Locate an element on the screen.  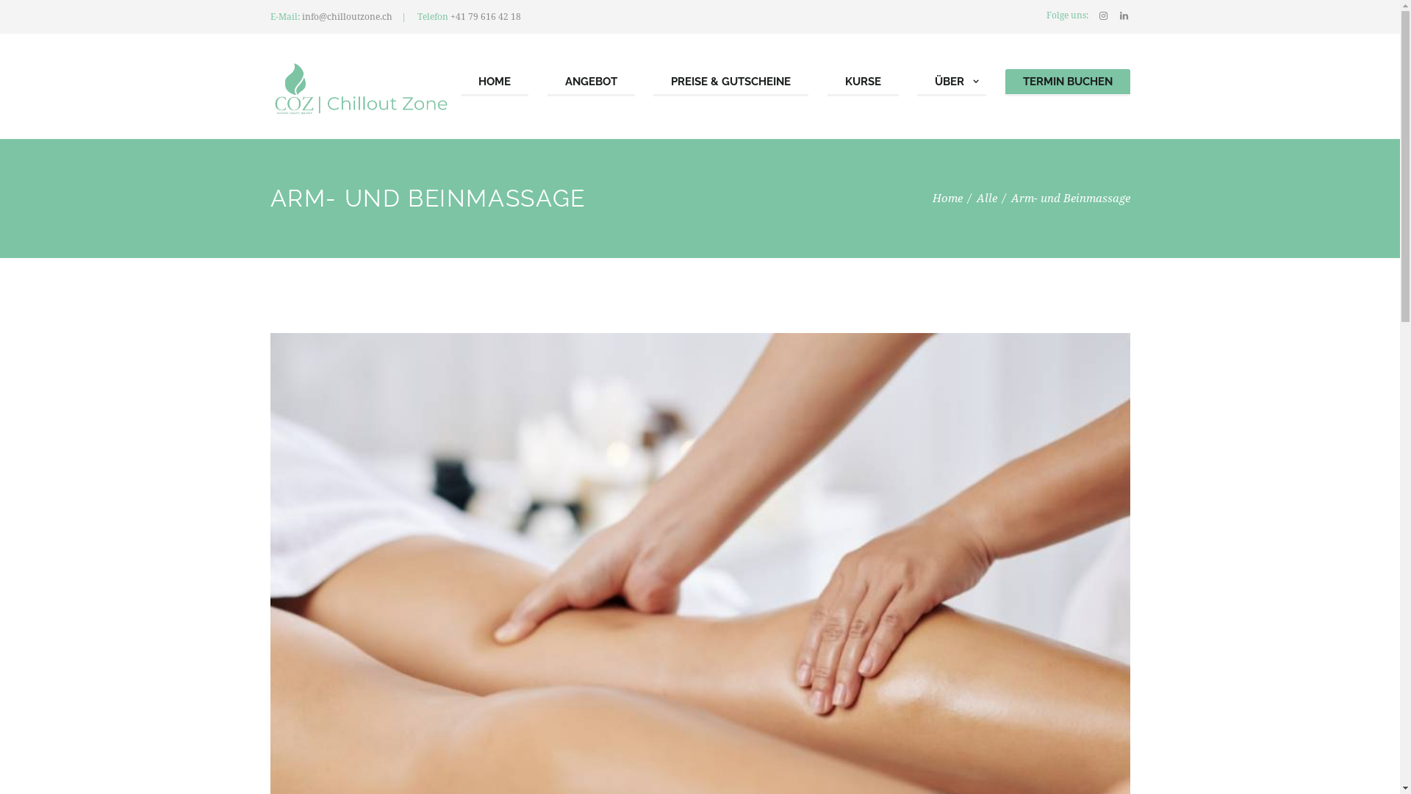
'KURSE' is located at coordinates (863, 82).